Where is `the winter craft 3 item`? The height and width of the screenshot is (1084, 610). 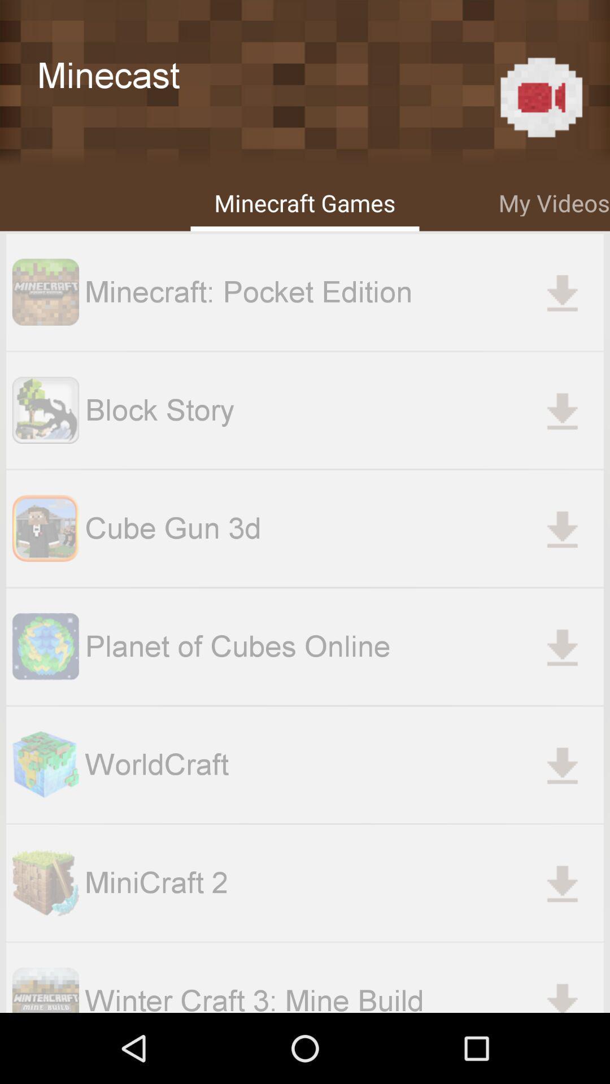 the winter craft 3 item is located at coordinates (343, 996).